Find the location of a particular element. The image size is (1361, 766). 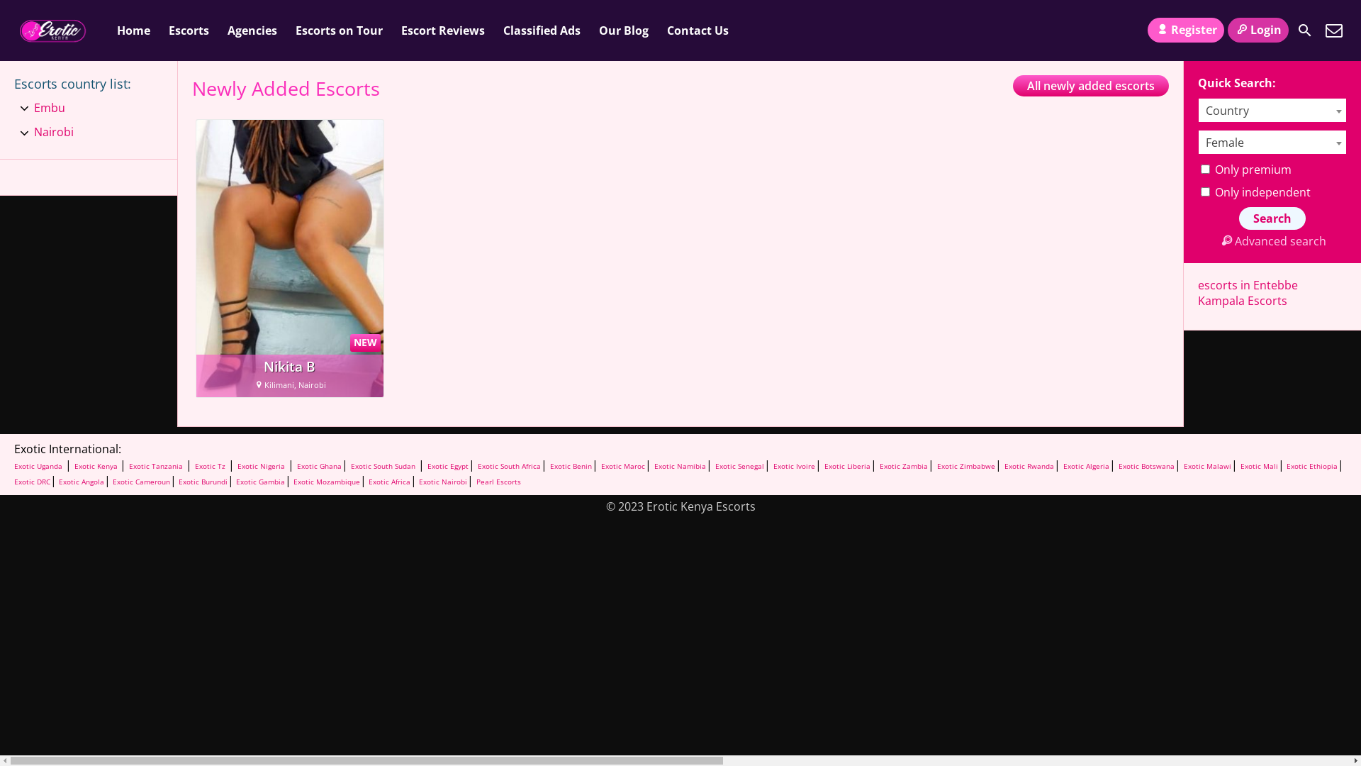

'Exotic Nairobi' is located at coordinates (416, 480).